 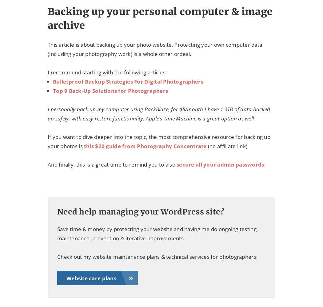 I want to click on '.', so click(x=264, y=164).